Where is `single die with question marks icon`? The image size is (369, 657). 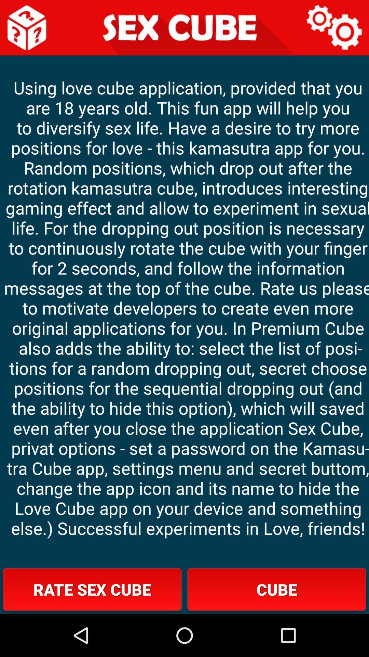 single die with question marks icon is located at coordinates (27, 27).